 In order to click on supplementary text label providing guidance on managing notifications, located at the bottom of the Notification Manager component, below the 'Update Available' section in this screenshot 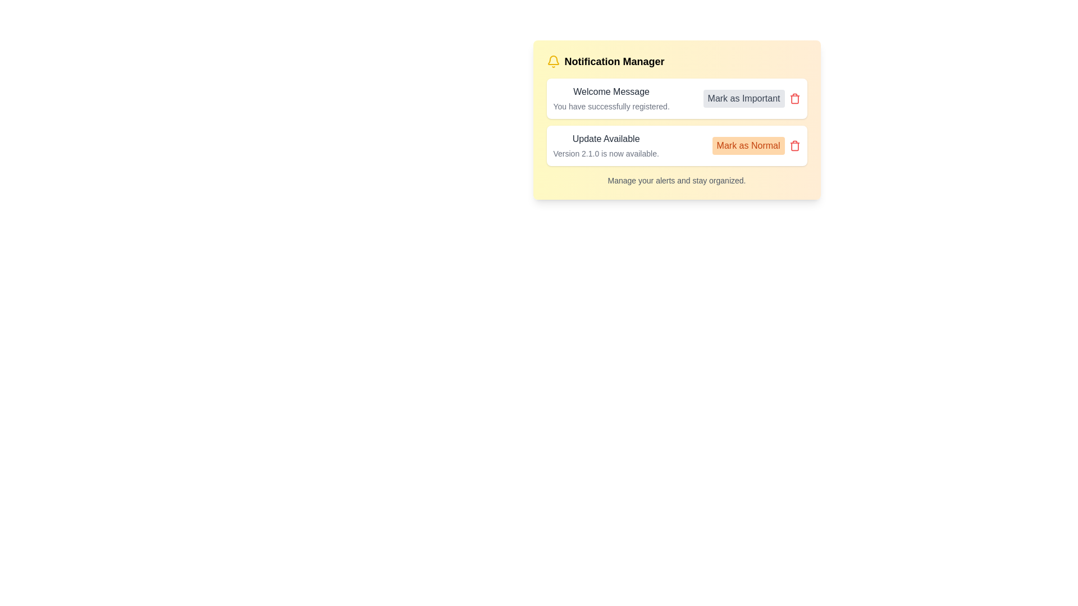, I will do `click(676, 180)`.